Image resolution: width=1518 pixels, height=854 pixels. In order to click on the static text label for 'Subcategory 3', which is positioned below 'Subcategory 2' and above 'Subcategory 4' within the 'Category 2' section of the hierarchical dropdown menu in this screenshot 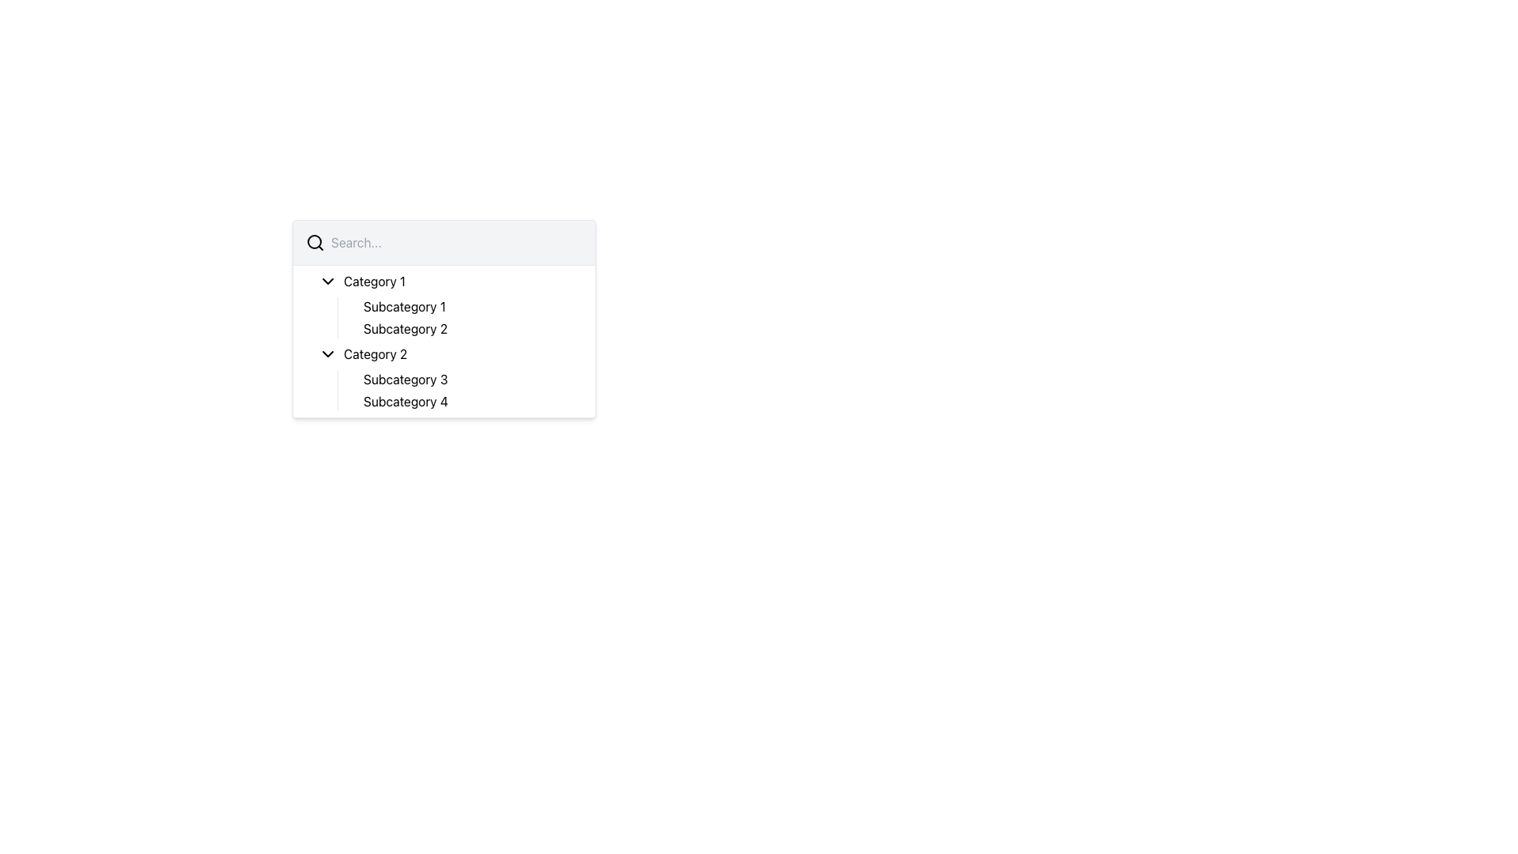, I will do `click(406, 379)`.